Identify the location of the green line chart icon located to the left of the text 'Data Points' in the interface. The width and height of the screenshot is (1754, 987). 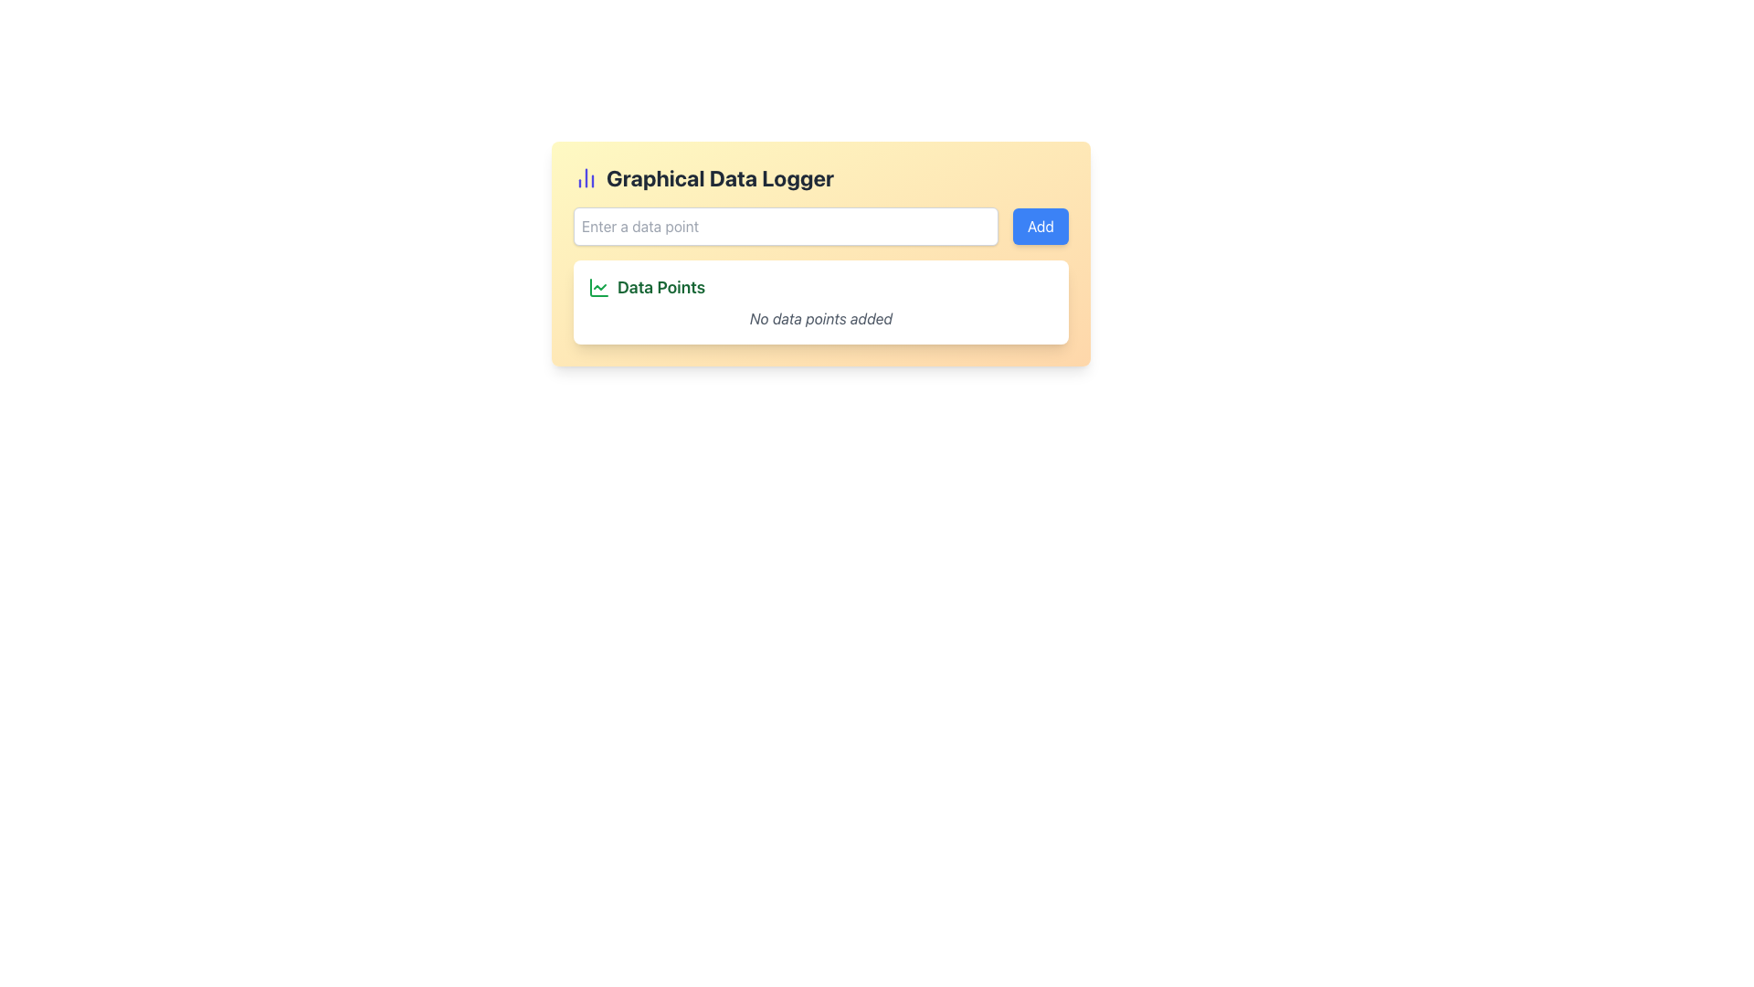
(599, 288).